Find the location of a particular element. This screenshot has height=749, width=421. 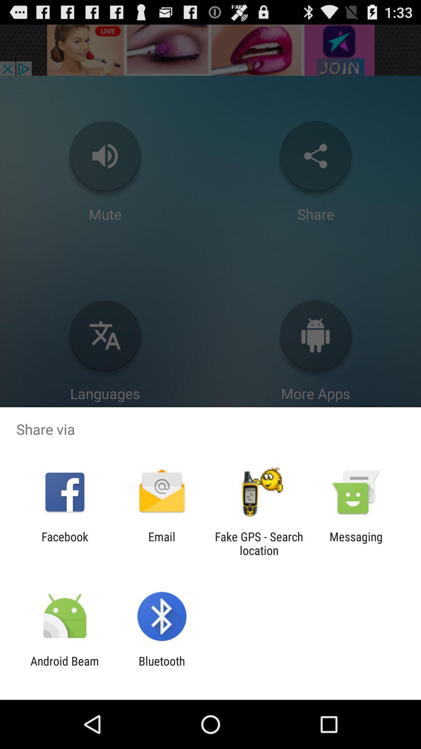

icon to the right of android beam icon is located at coordinates (161, 667).